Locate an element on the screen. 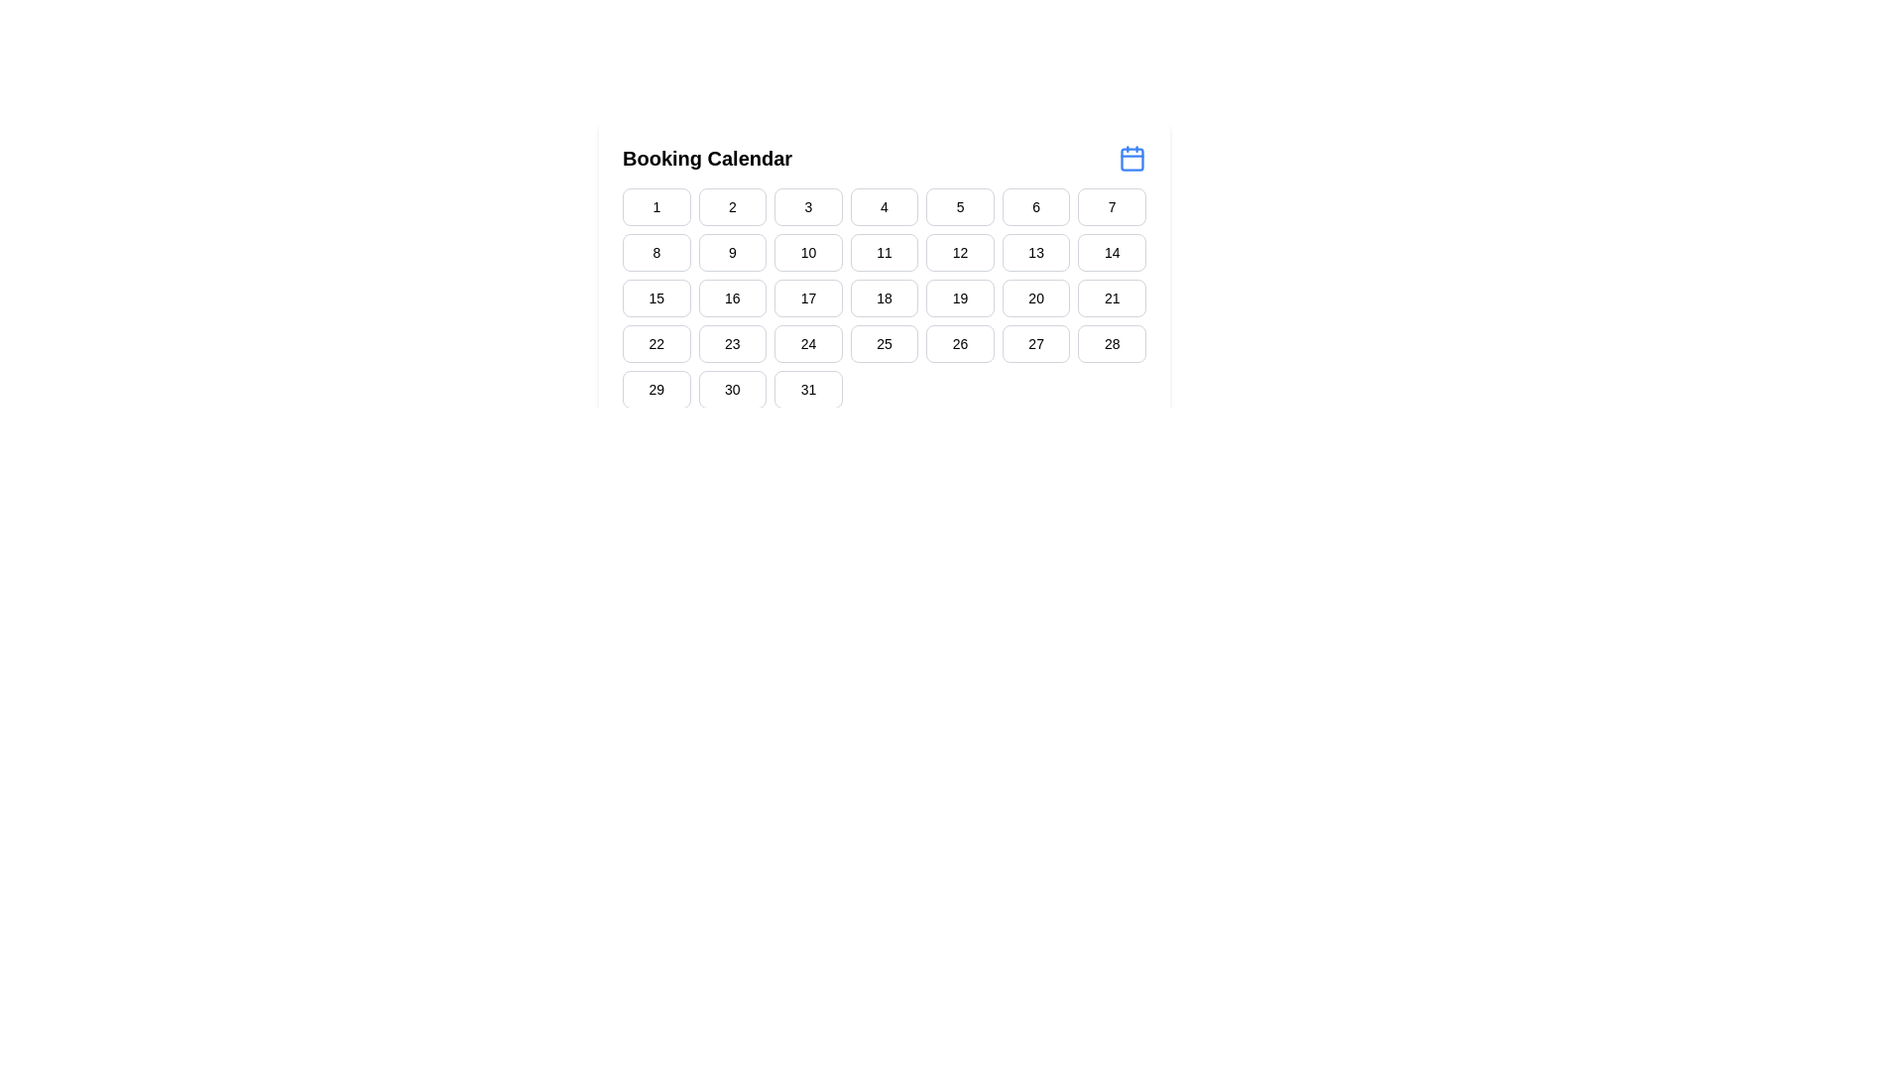 The width and height of the screenshot is (1904, 1071). the button representing the 7th day of the month in the calendar layout is located at coordinates (1112, 206).